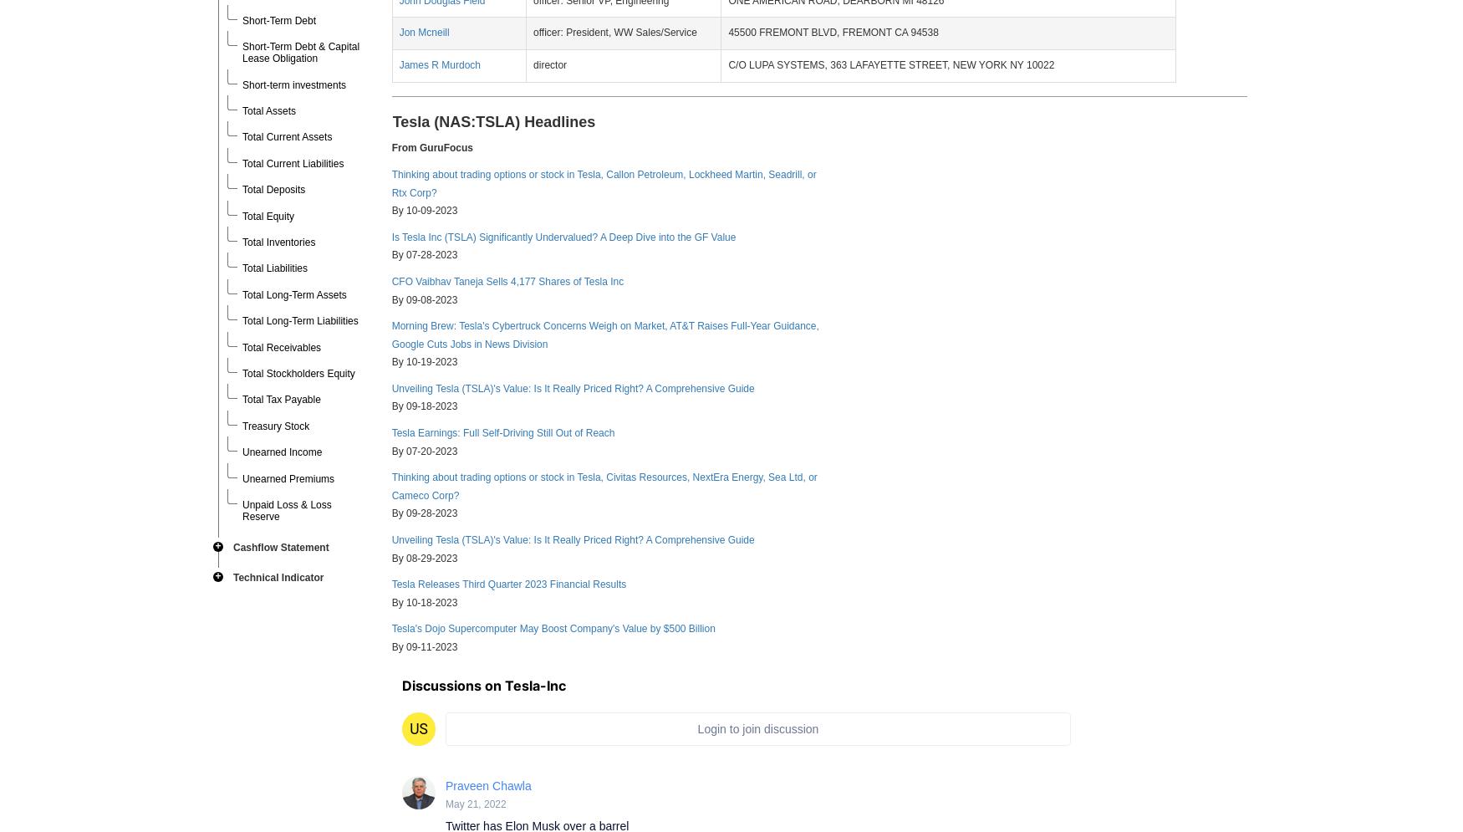  Describe the element at coordinates (241, 293) in the screenshot. I see `'Total Long-Term Assets'` at that location.